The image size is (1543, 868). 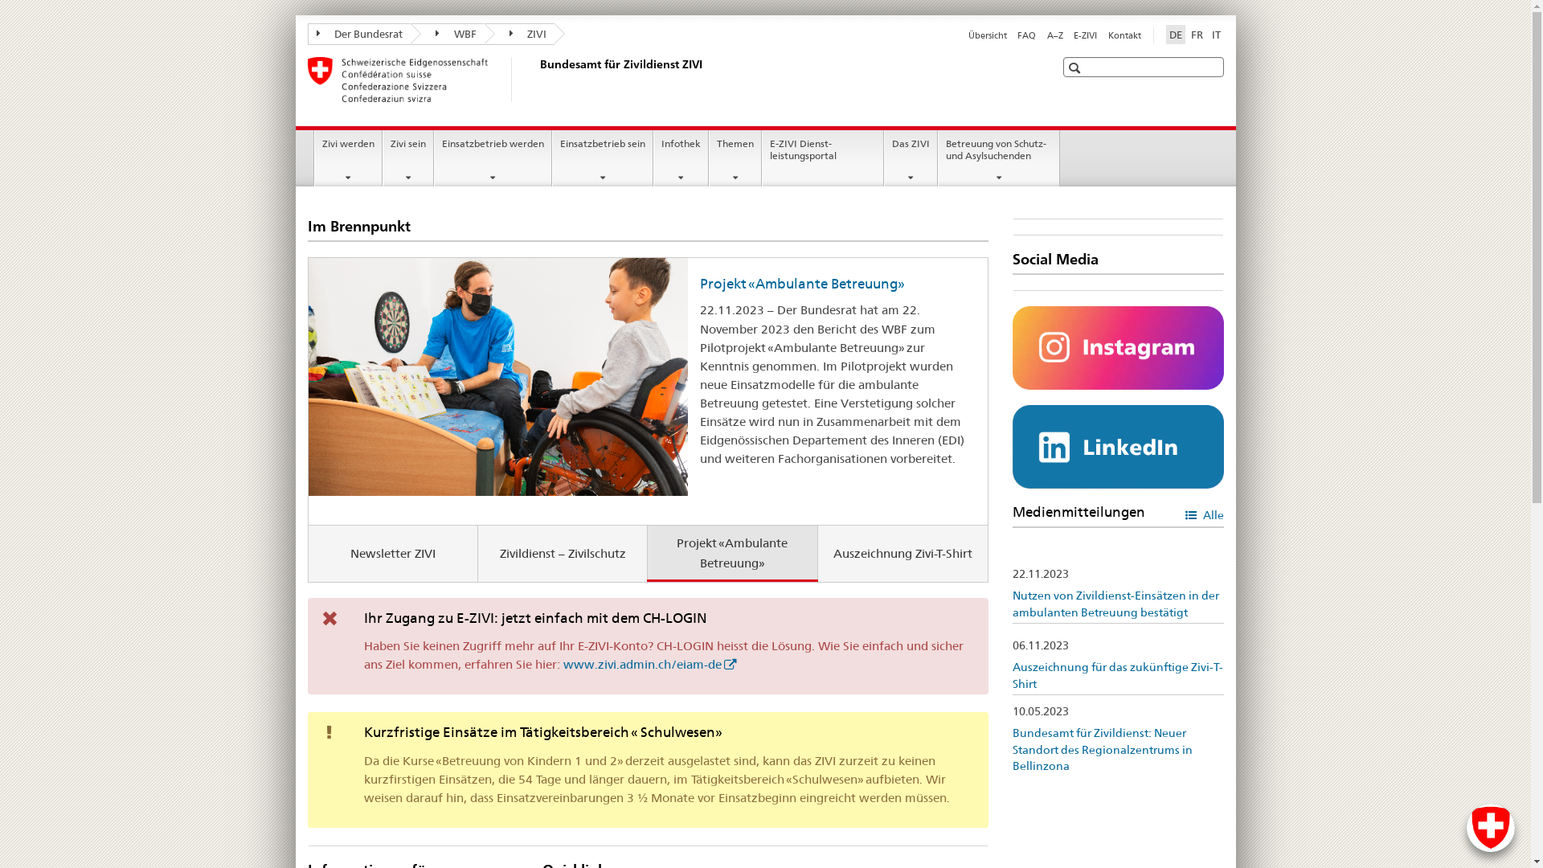 What do you see at coordinates (883, 158) in the screenshot?
I see `'Das ZIVI'` at bounding box center [883, 158].